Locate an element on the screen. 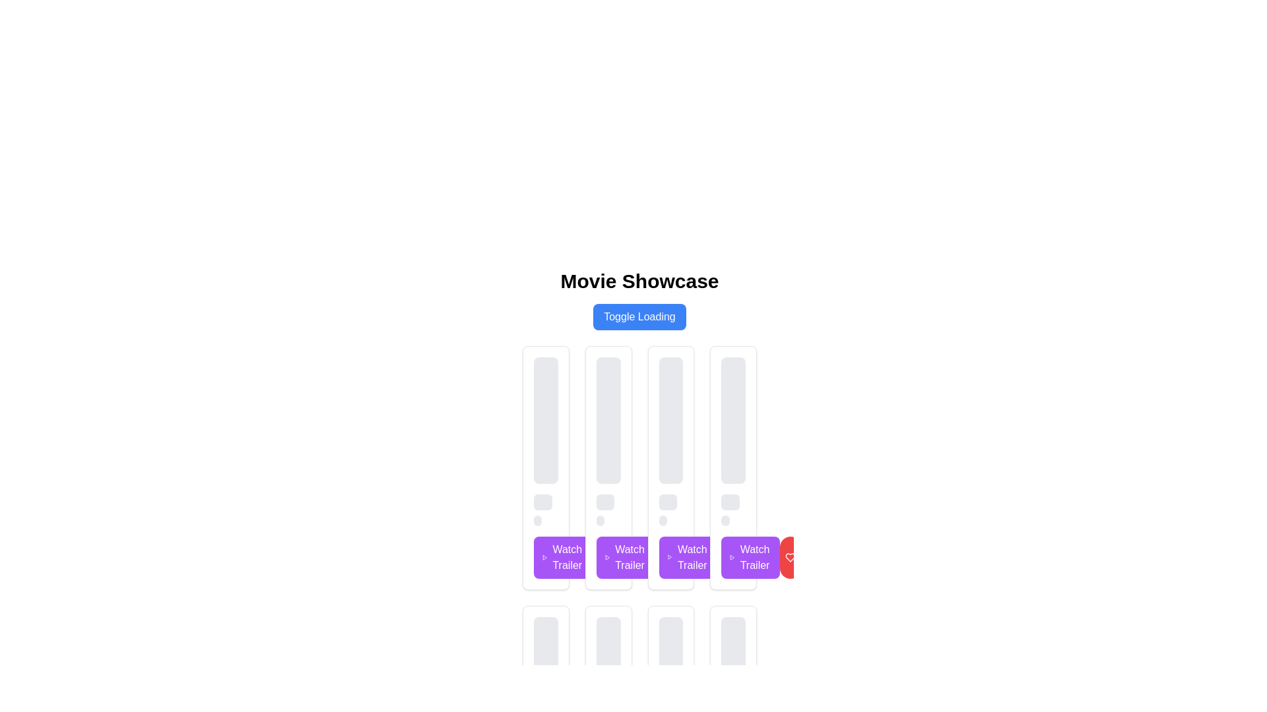  the button located directly below the heading 'Movie Showcase' that triggers or toggles a loading state in the application is located at coordinates (639, 317).